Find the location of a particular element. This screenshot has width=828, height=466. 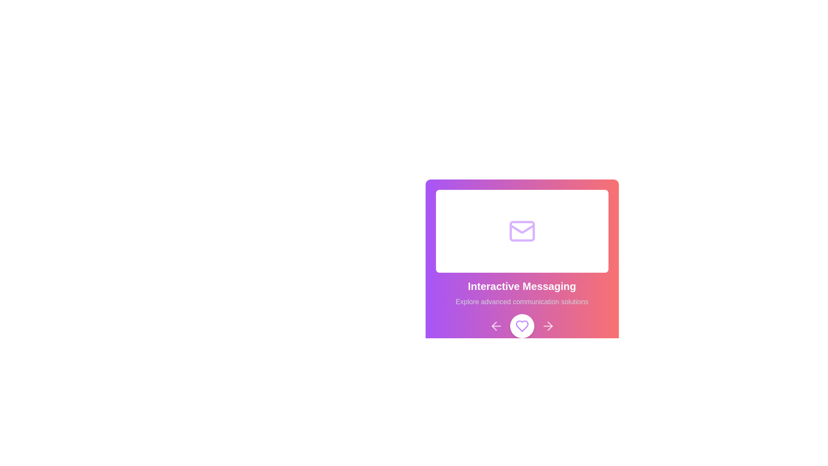

the envelope icon located within the 'Interactive Messaging' card section, which has a gradient background and rounded corners is located at coordinates (521, 231).